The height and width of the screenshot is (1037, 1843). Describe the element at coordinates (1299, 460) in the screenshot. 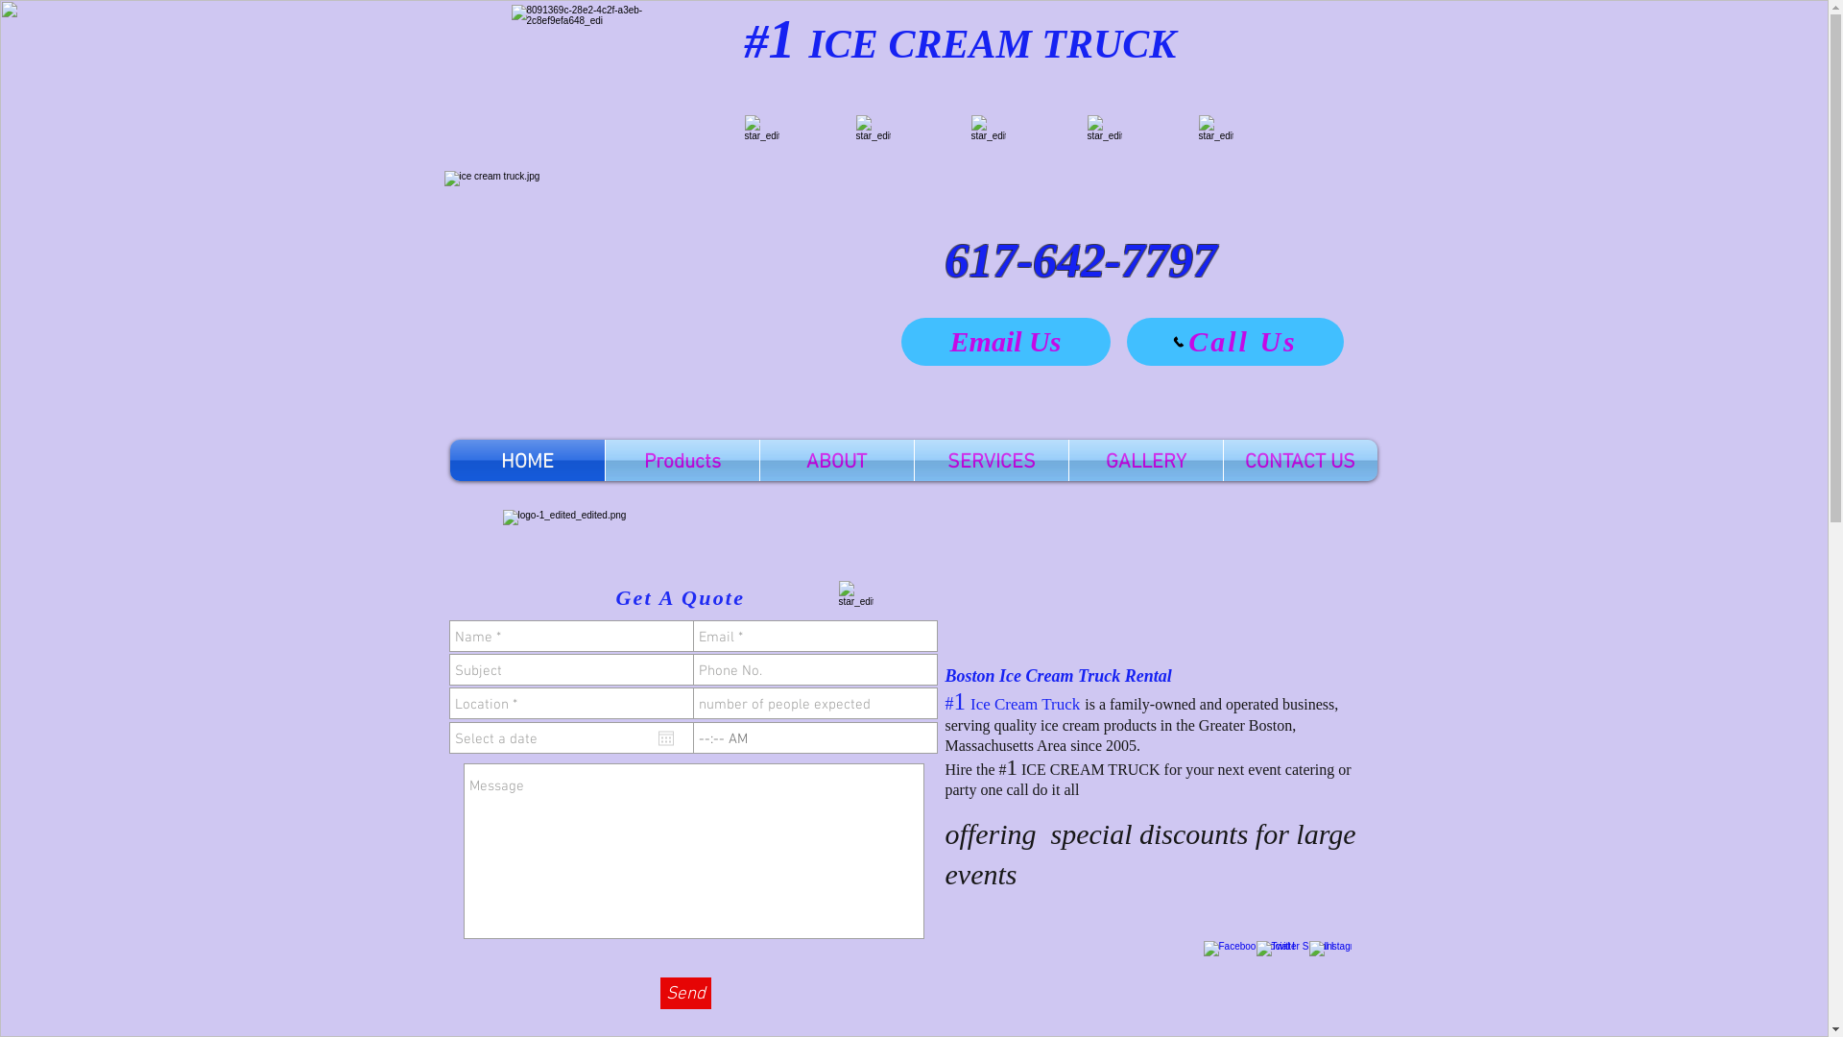

I see `'CONTACT US'` at that location.